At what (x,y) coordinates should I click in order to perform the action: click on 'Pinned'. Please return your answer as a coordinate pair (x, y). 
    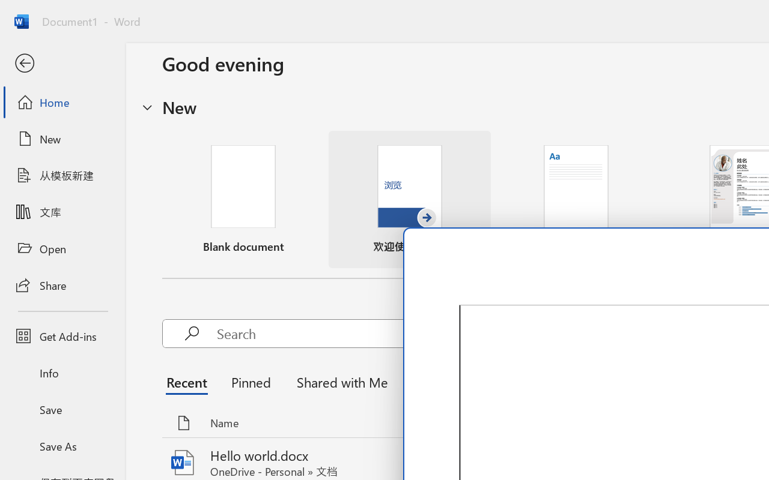
    Looking at the image, I should click on (250, 381).